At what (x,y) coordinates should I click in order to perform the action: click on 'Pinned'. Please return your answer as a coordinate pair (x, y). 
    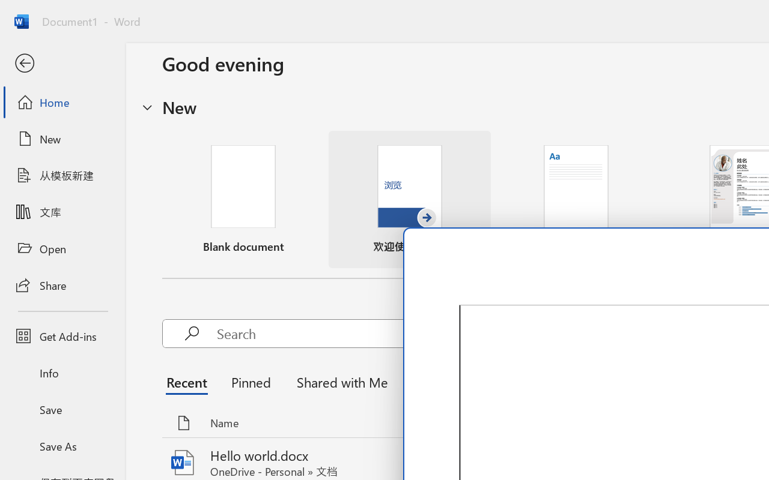
    Looking at the image, I should click on (250, 381).